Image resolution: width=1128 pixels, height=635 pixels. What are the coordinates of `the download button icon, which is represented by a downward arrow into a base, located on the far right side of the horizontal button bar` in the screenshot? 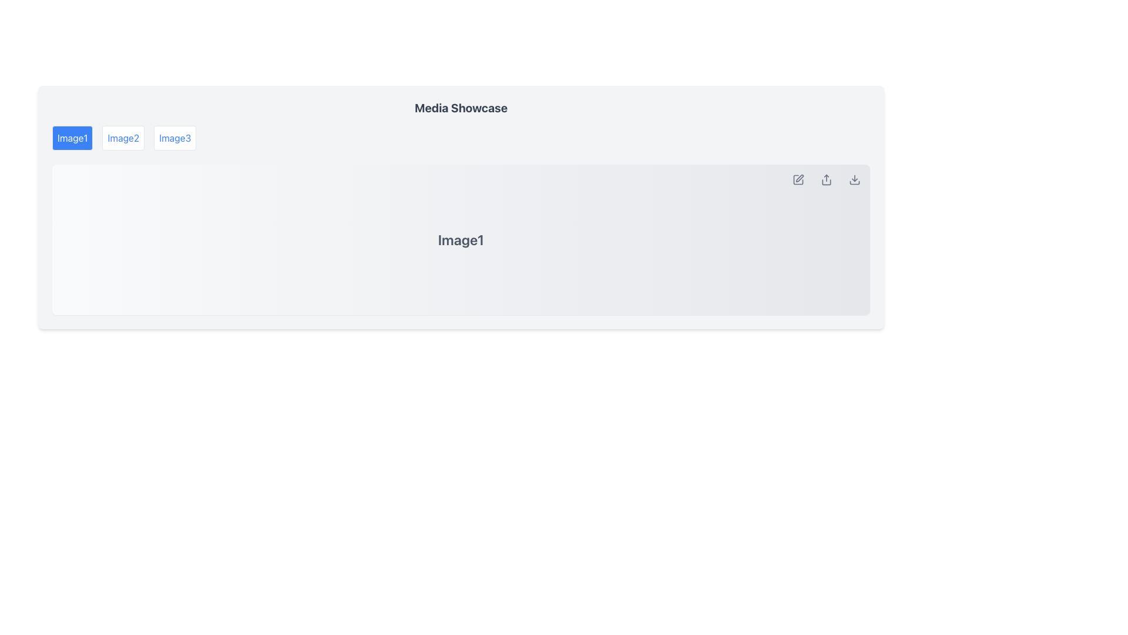 It's located at (854, 179).